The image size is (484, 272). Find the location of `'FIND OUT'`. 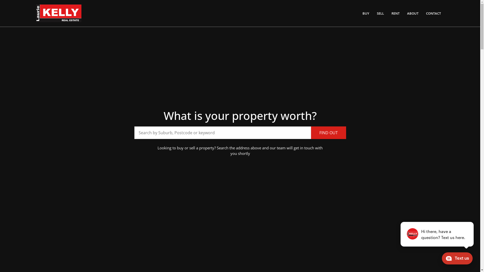

'FIND OUT' is located at coordinates (328, 132).